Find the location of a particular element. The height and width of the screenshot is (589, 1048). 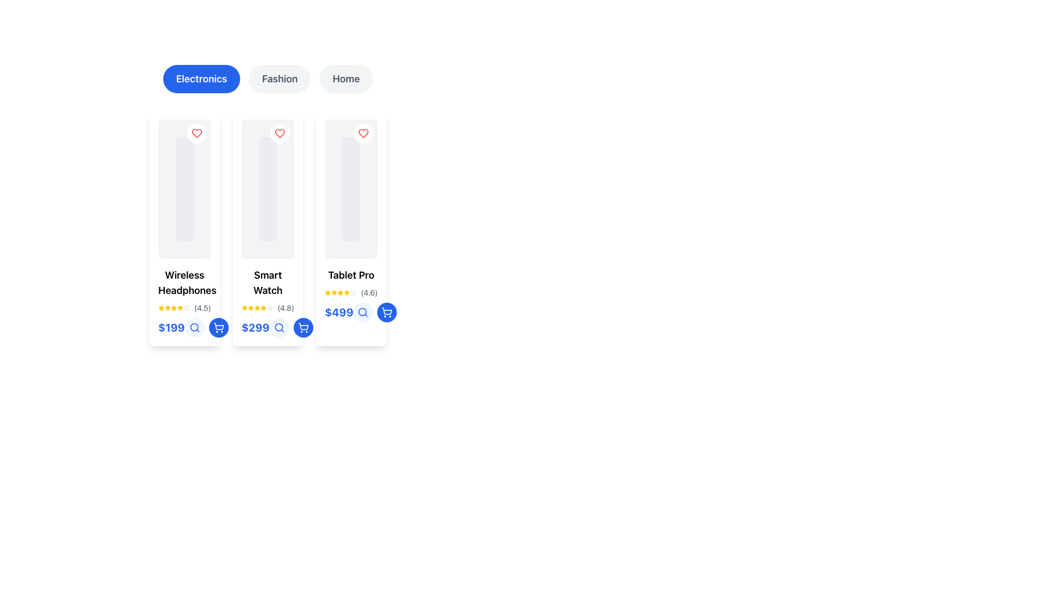

the yellow star icon, which is the second star in the rating system for the 'Wireless Headphones' product card is located at coordinates (167, 308).